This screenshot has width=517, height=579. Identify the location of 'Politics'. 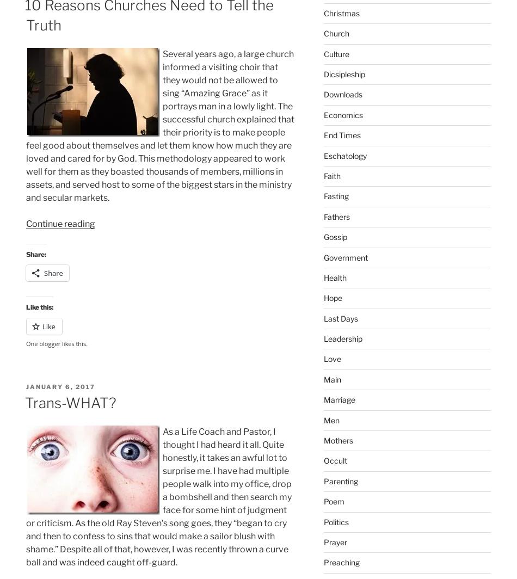
(336, 521).